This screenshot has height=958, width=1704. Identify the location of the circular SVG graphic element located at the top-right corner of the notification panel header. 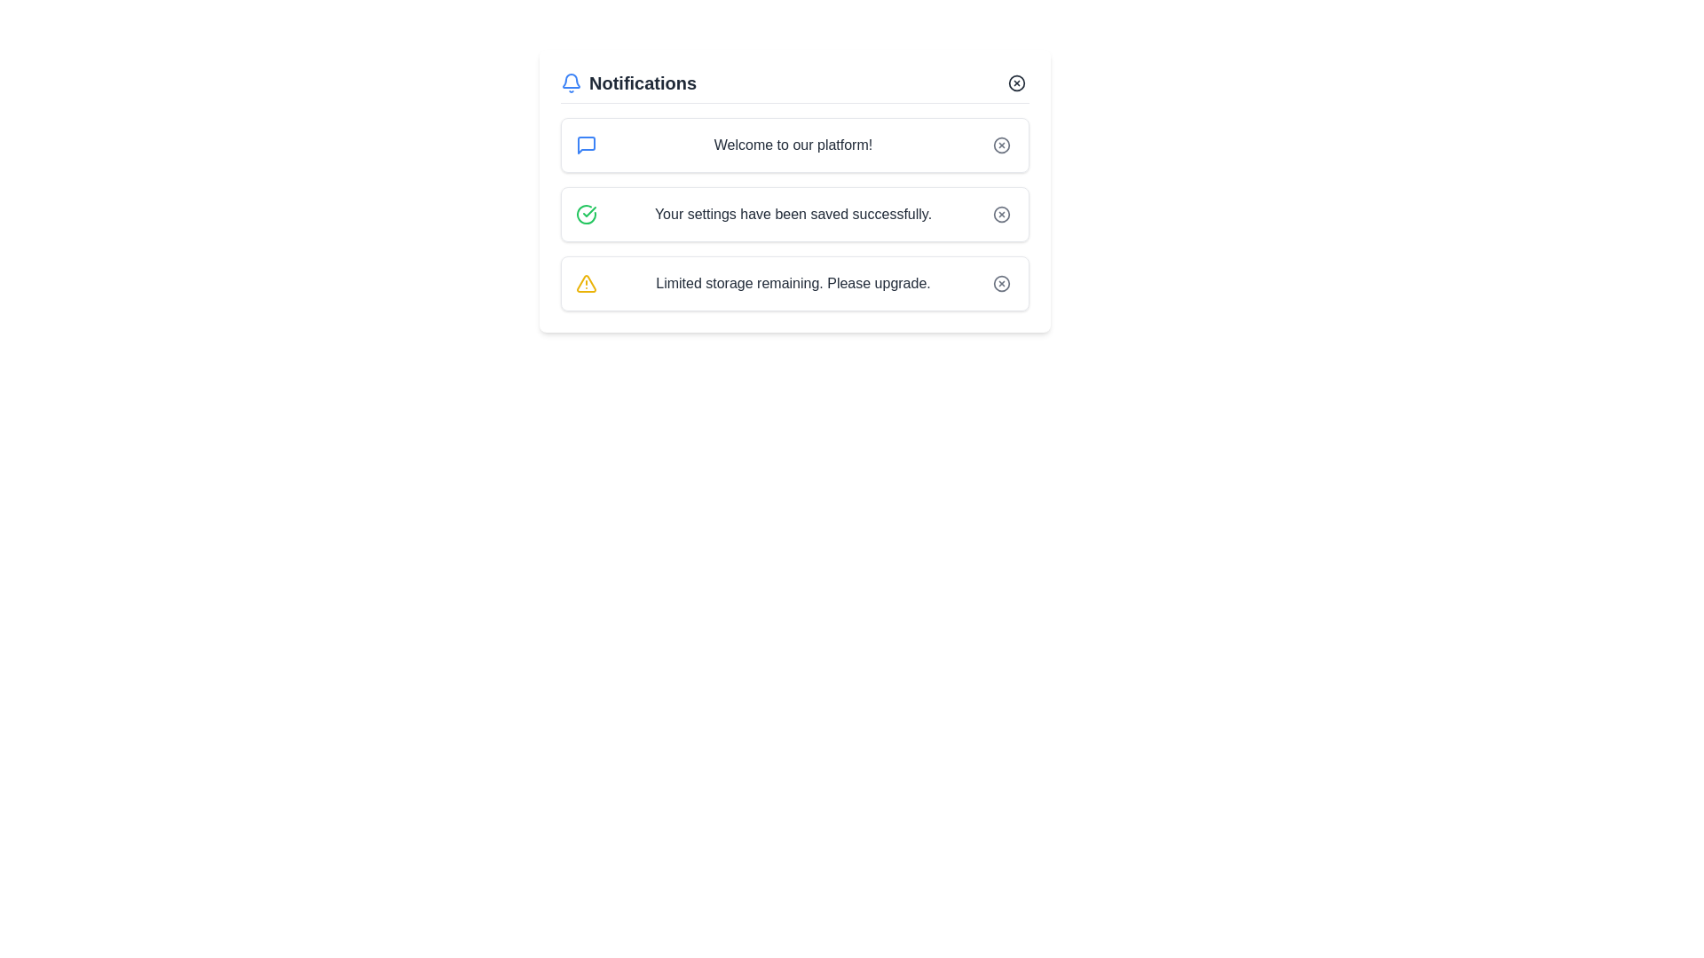
(1017, 82).